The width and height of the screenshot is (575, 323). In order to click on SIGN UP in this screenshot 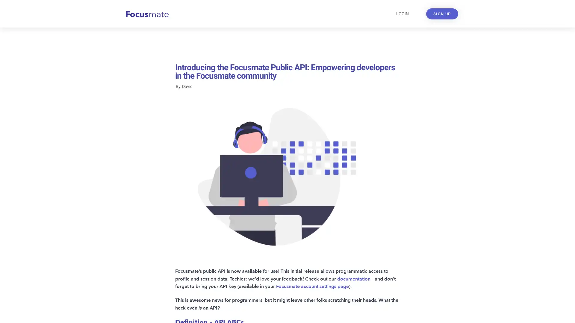, I will do `click(442, 13)`.